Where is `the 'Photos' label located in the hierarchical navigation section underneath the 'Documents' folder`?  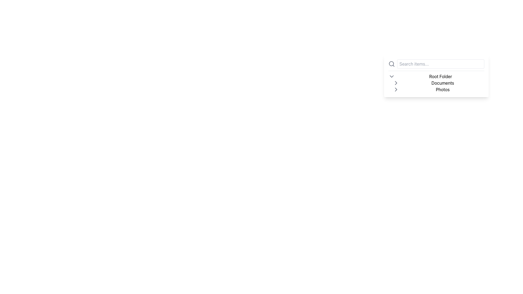
the 'Photos' label located in the hierarchical navigation section underneath the 'Documents' folder is located at coordinates (443, 89).